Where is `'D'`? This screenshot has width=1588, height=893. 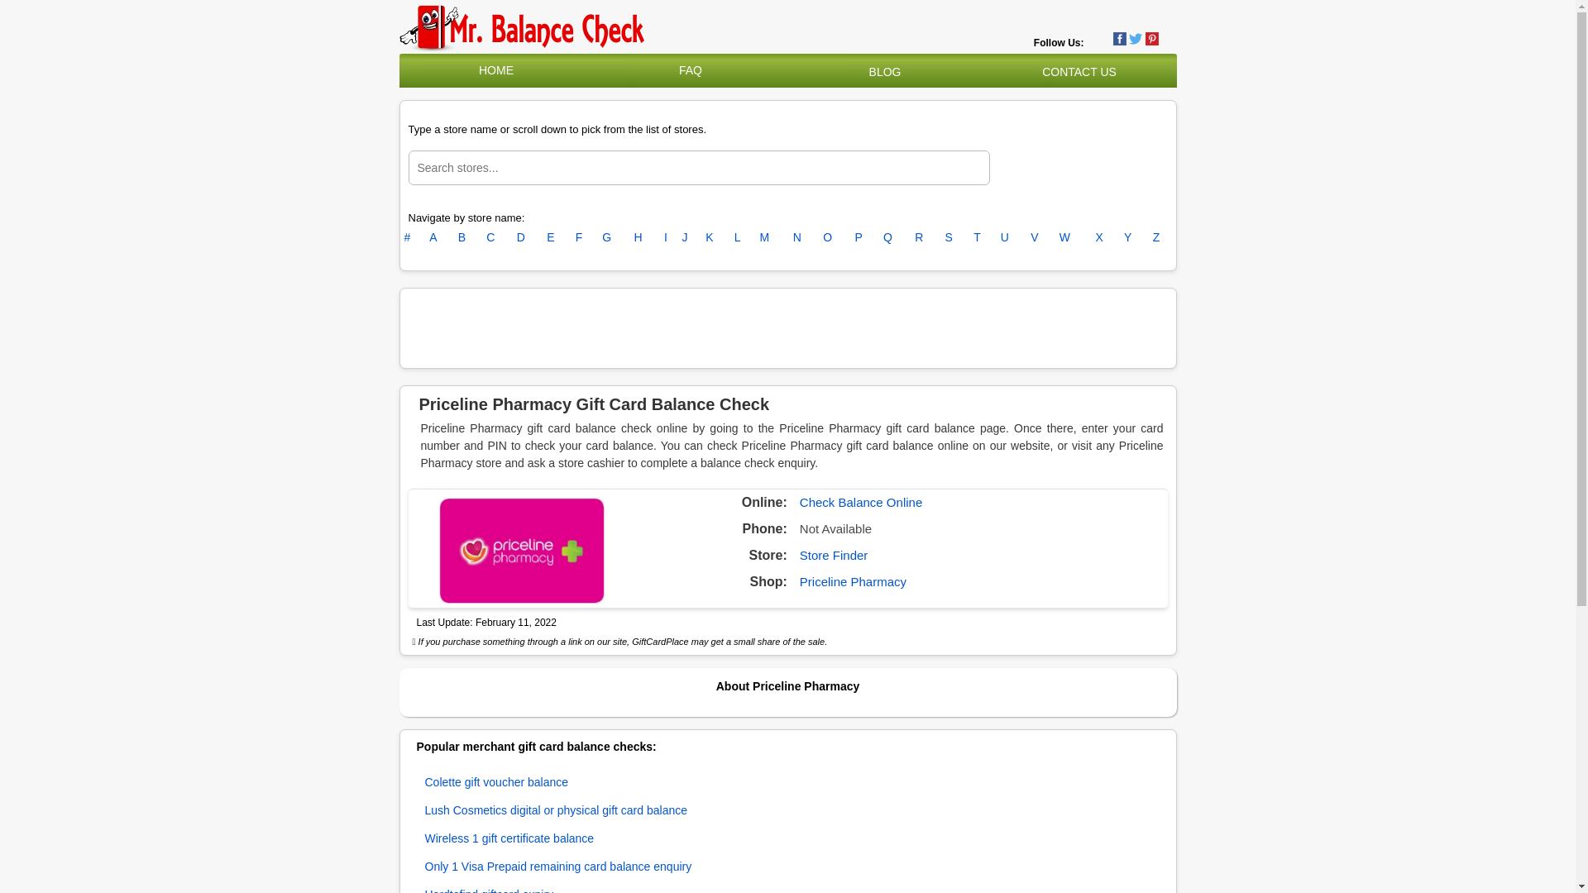
'D' is located at coordinates (519, 236).